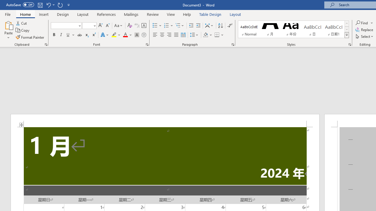 The width and height of the screenshot is (376, 211). What do you see at coordinates (61, 35) in the screenshot?
I see `'Italic'` at bounding box center [61, 35].